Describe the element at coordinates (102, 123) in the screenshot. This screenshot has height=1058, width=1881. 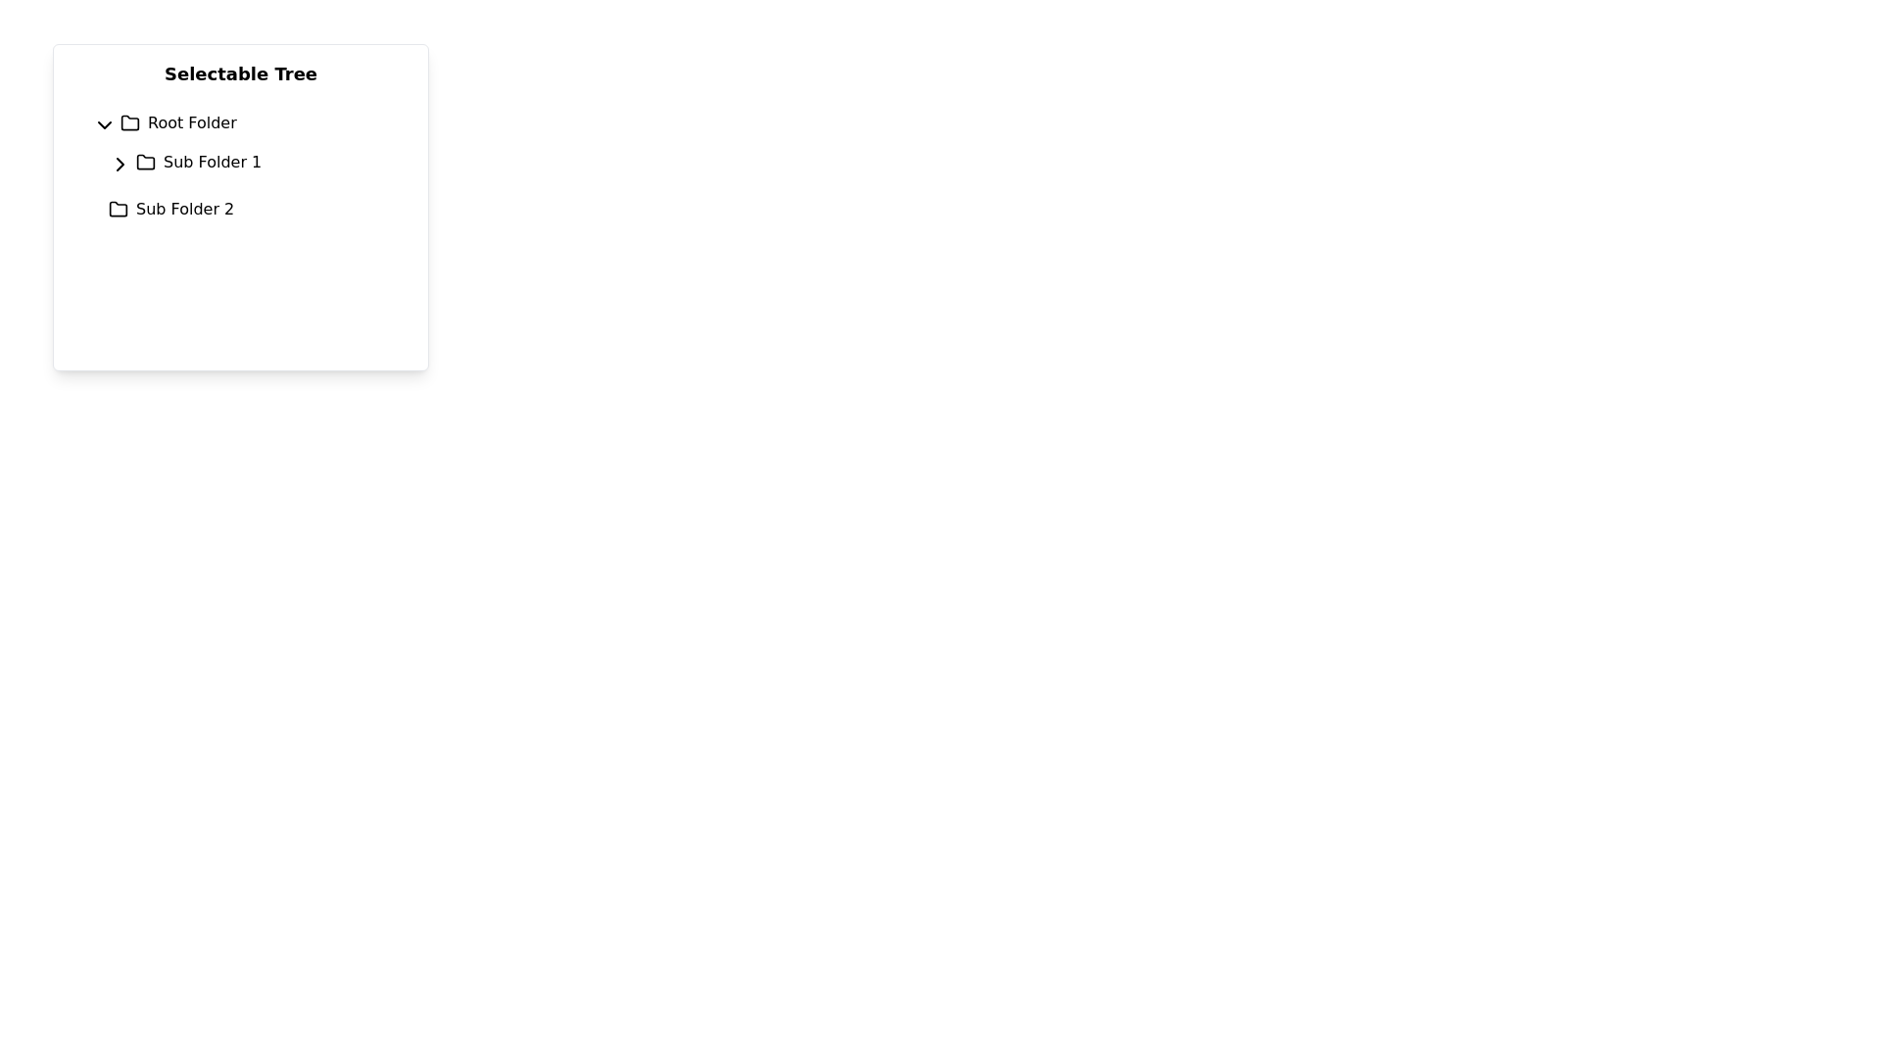
I see `the toggle icon for the 'Root Folder'` at that location.